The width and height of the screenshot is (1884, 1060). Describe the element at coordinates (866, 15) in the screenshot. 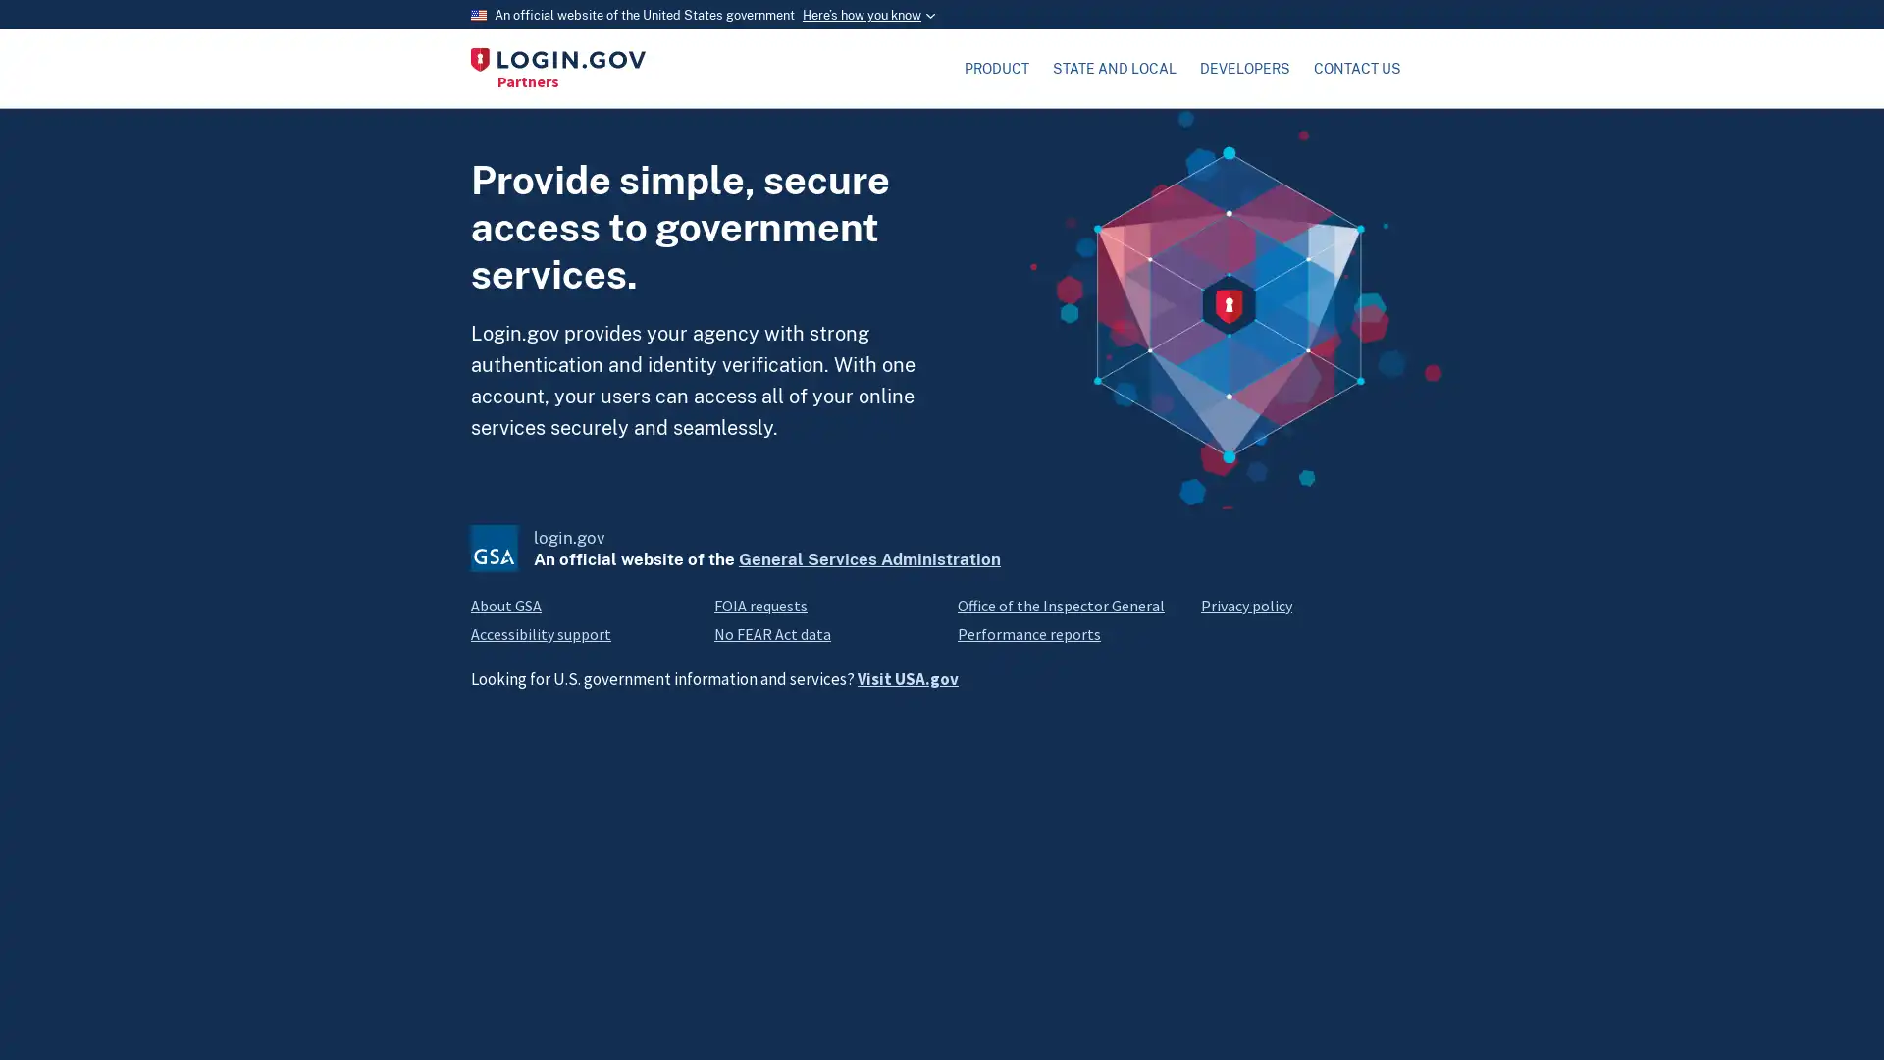

I see `Heres how you know` at that location.